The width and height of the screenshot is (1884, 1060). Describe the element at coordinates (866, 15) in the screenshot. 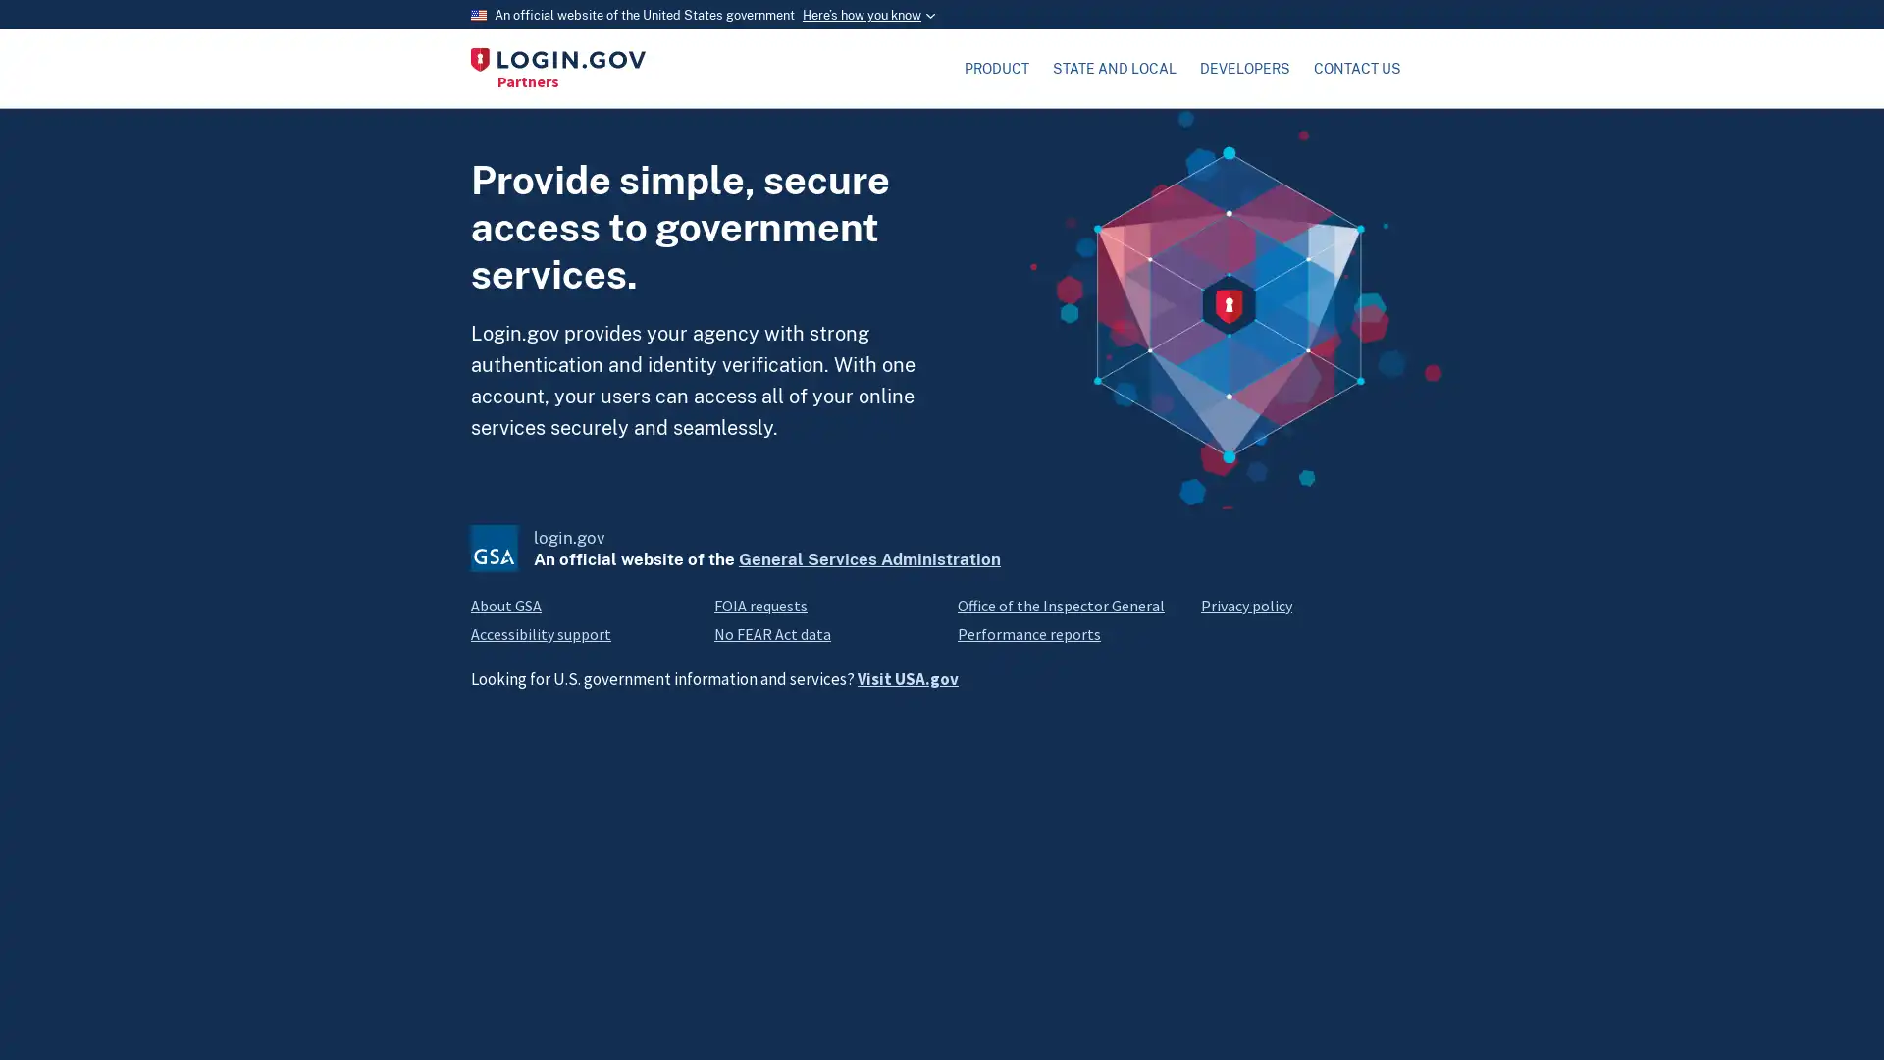

I see `Heres how you know` at that location.